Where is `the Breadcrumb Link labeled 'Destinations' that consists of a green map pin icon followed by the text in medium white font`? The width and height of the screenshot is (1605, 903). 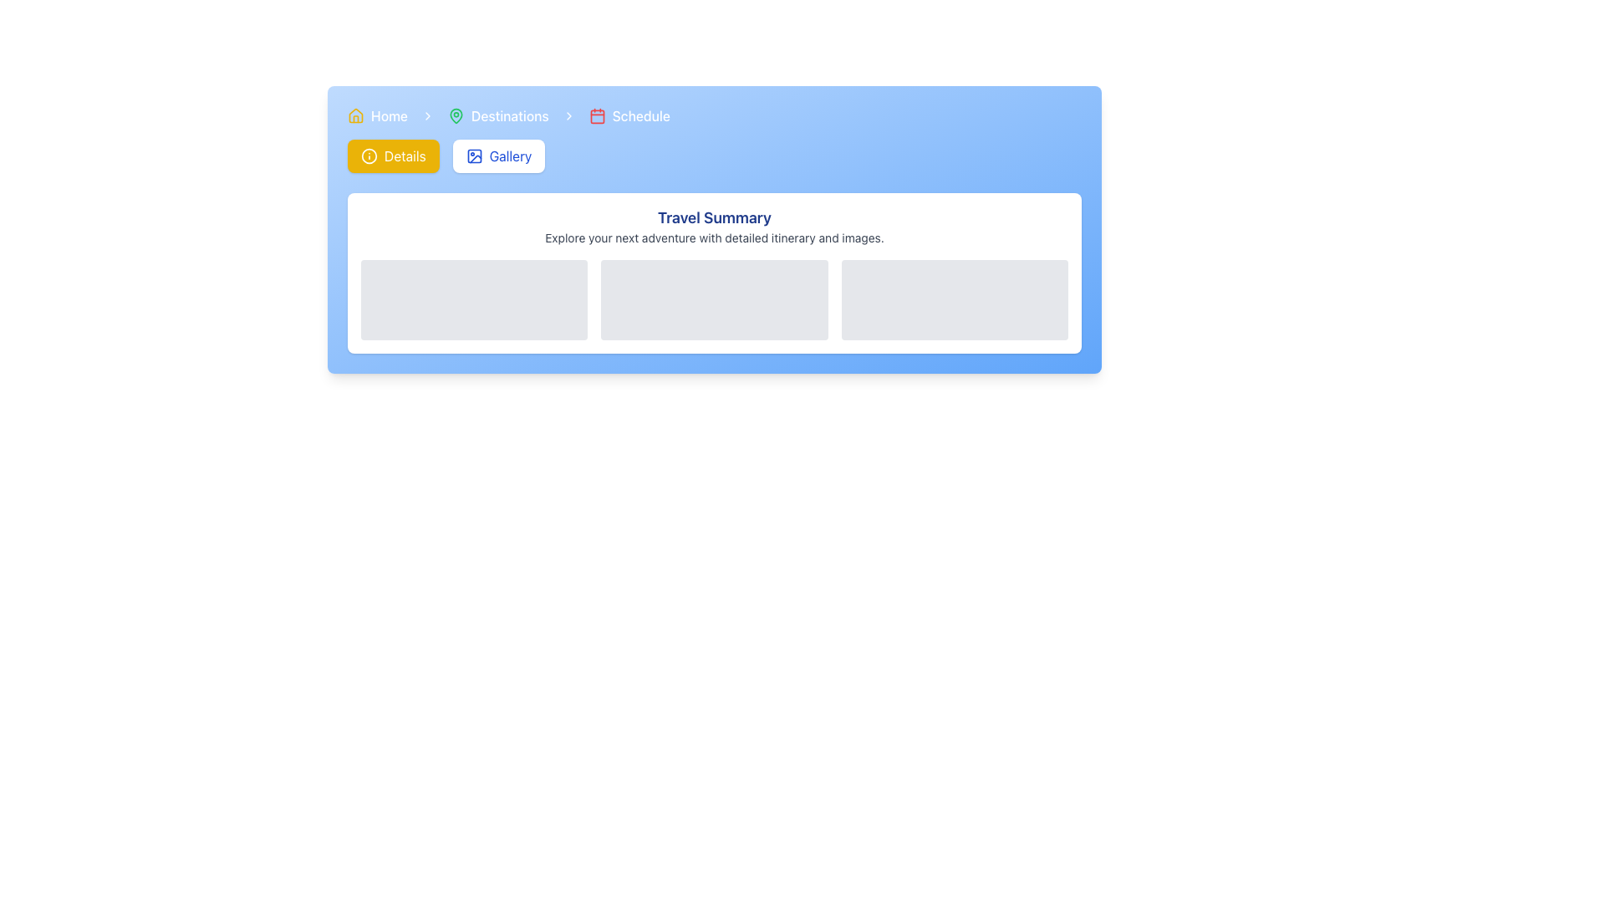 the Breadcrumb Link labeled 'Destinations' that consists of a green map pin icon followed by the text in medium white font is located at coordinates (497, 115).